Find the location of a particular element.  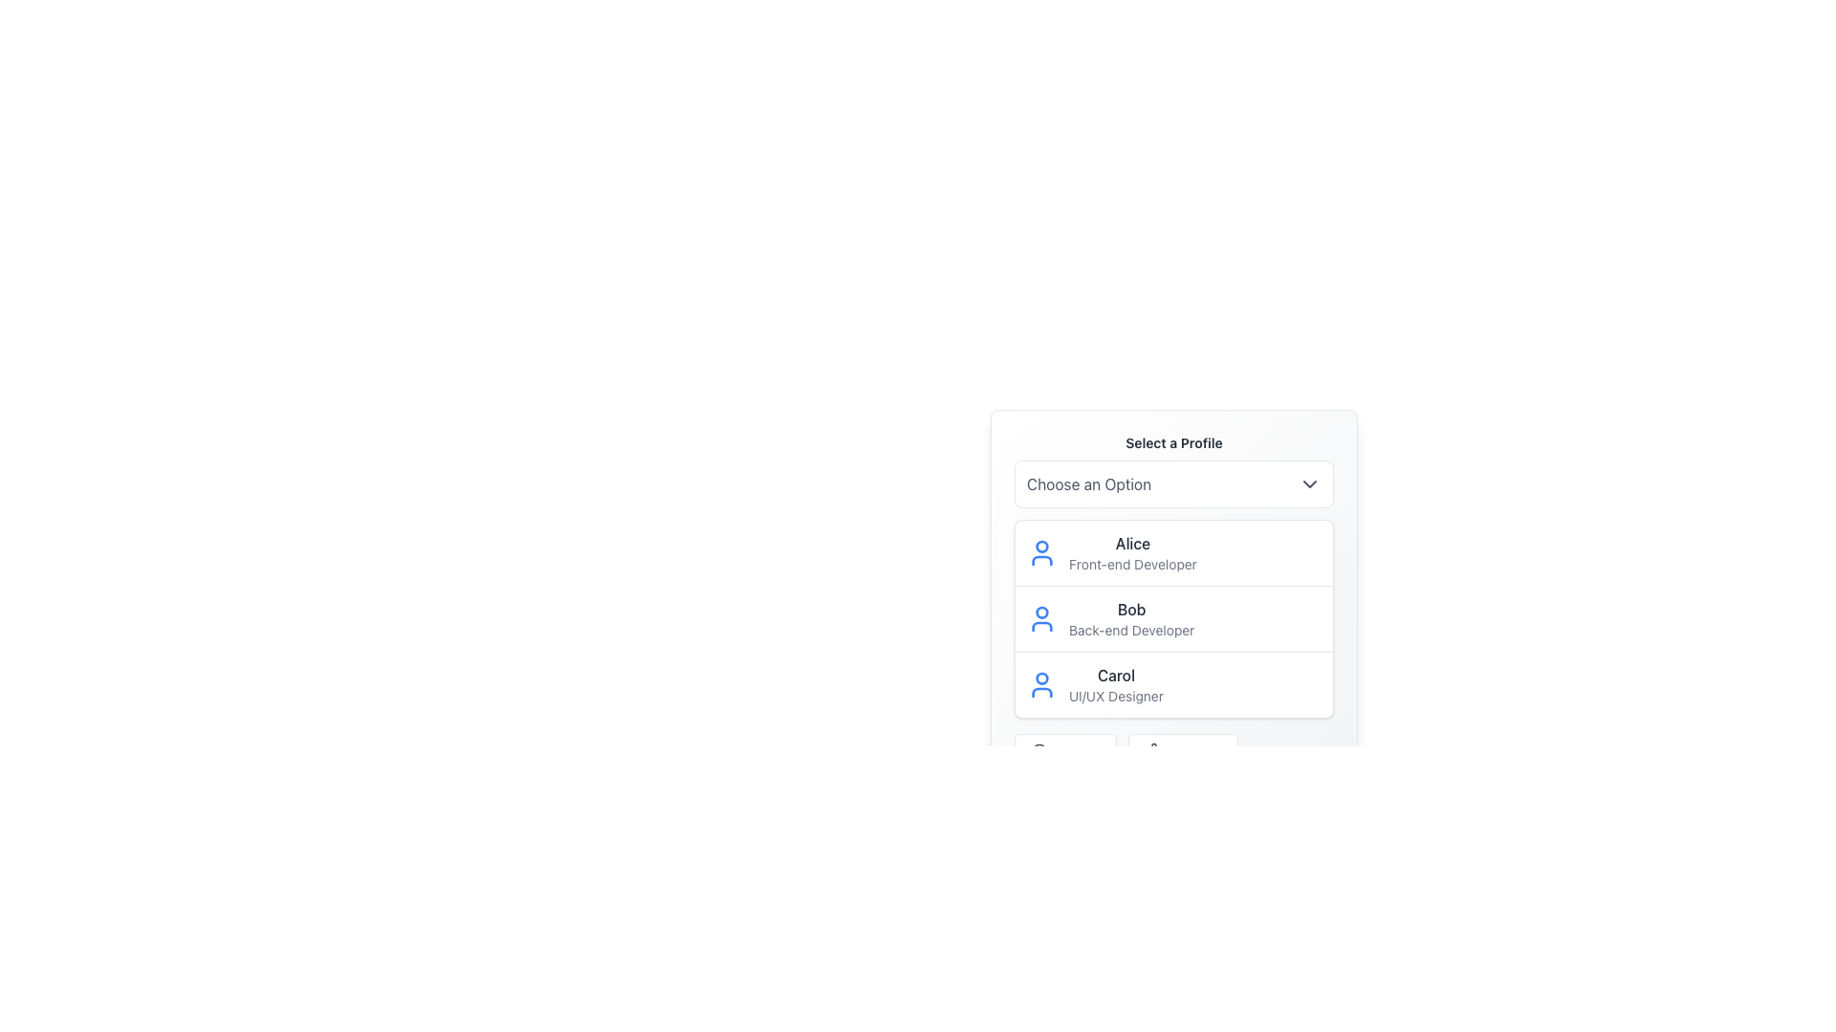

the text label displaying 'Front-end Developer' located below the name 'Alice' in the profile selection list is located at coordinates (1133, 563).